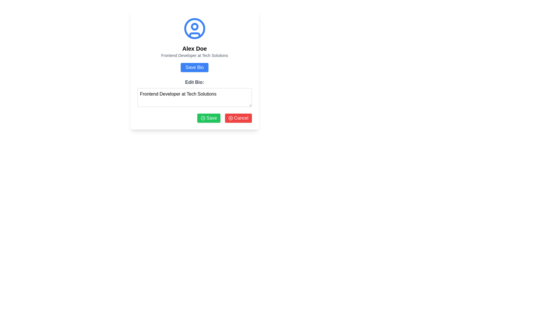 The image size is (549, 309). What do you see at coordinates (194, 27) in the screenshot?
I see `the small circular SVG component representing a user profile icon located at the top-center of the interface` at bounding box center [194, 27].